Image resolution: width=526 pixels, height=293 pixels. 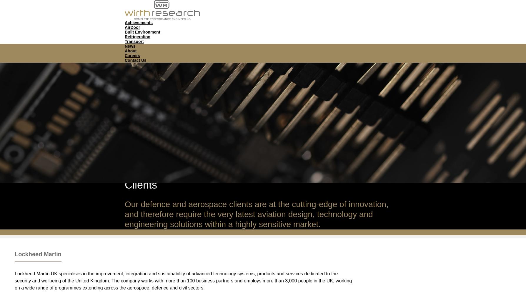 What do you see at coordinates (129, 45) in the screenshot?
I see `'News'` at bounding box center [129, 45].